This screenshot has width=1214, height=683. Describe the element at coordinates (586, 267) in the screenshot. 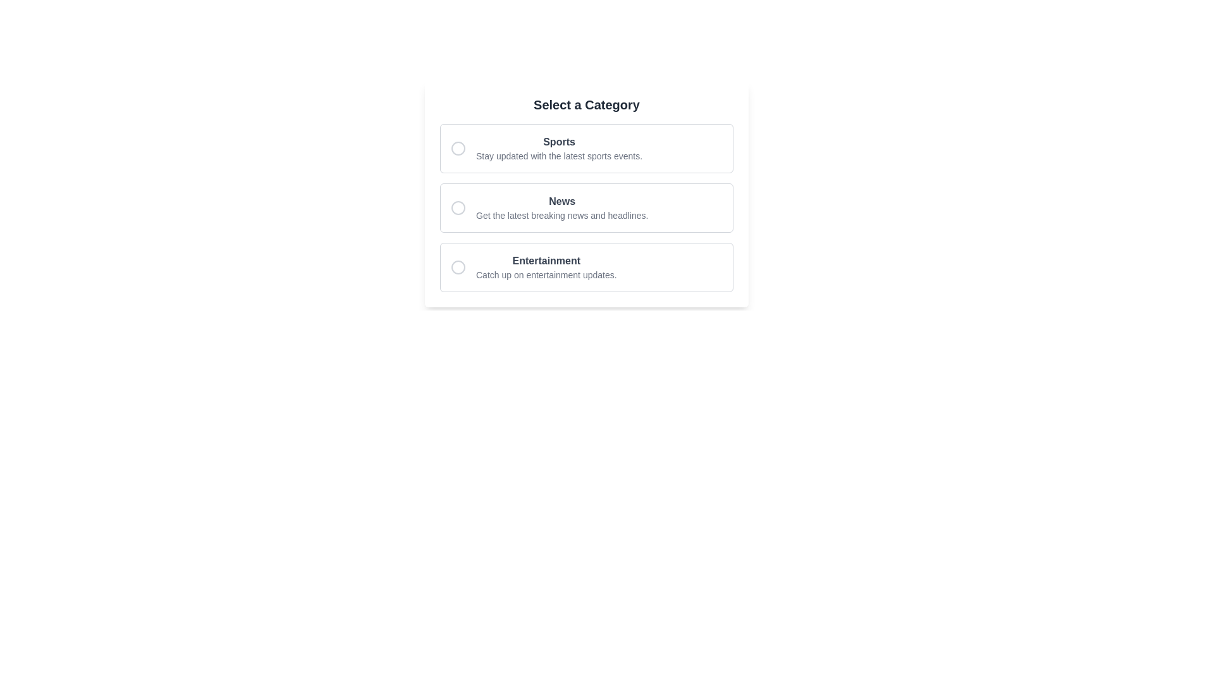

I see `the 'Entertainment' category selectable item in the list` at that location.